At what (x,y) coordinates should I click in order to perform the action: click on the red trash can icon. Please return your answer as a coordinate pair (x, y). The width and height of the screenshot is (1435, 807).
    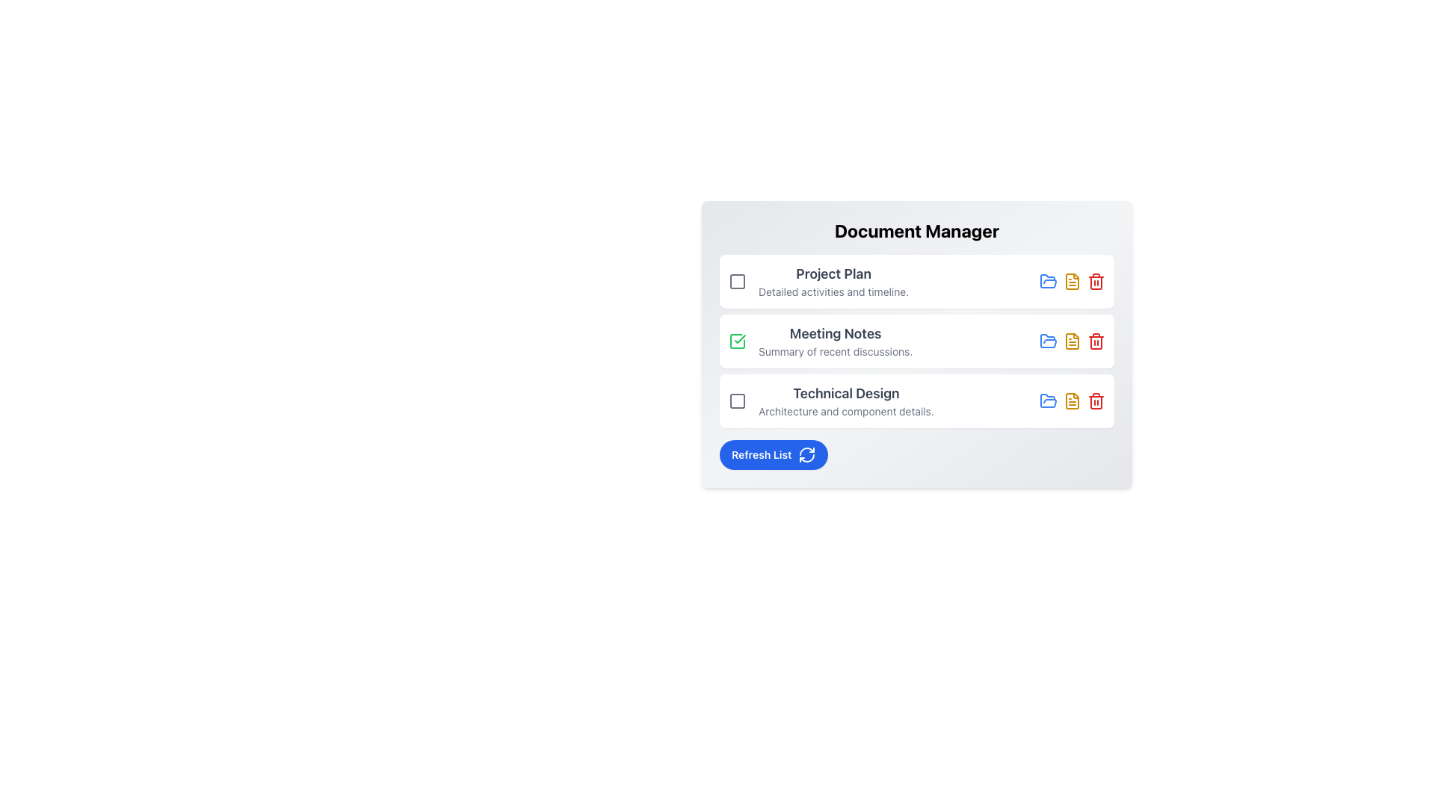
    Looking at the image, I should click on (1096, 341).